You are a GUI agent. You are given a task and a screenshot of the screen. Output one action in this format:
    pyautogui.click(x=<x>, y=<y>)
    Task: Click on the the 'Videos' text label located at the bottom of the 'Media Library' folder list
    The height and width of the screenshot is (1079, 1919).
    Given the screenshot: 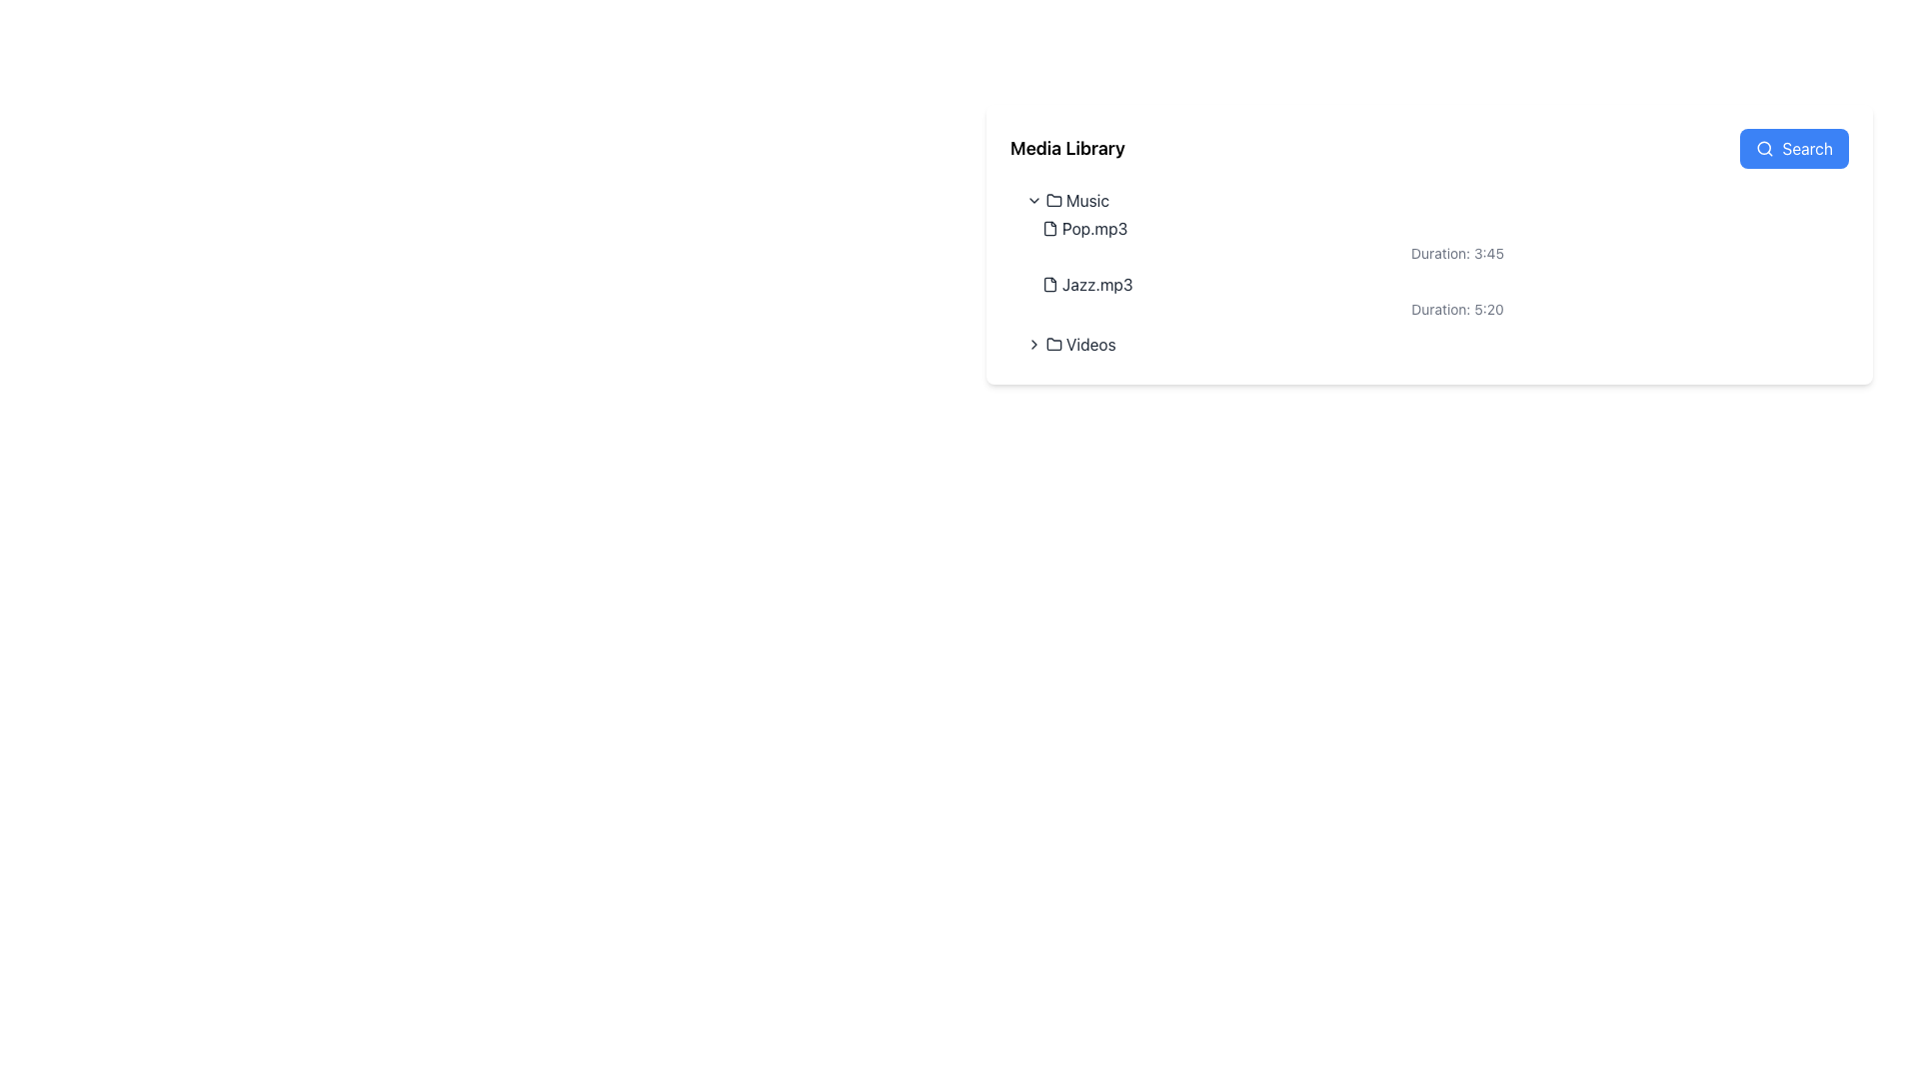 What is the action you would take?
    pyautogui.click(x=1089, y=343)
    